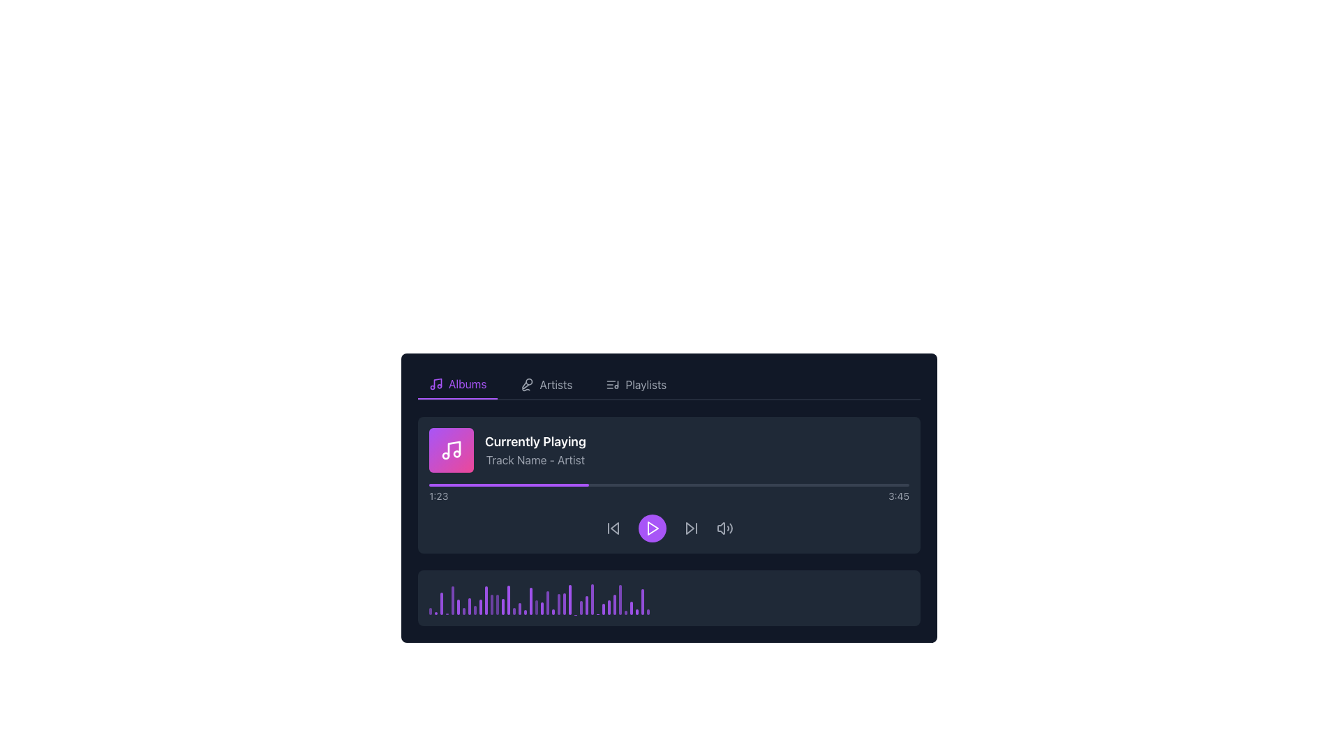  I want to click on the thirty-fourth decorative vertical bar in the audio visualizer, which represents audio levels or frequencies, so click(631, 607).